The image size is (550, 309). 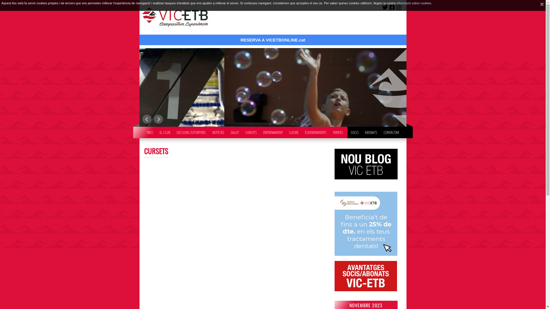 I want to click on 'EL CLUB', so click(x=164, y=131).